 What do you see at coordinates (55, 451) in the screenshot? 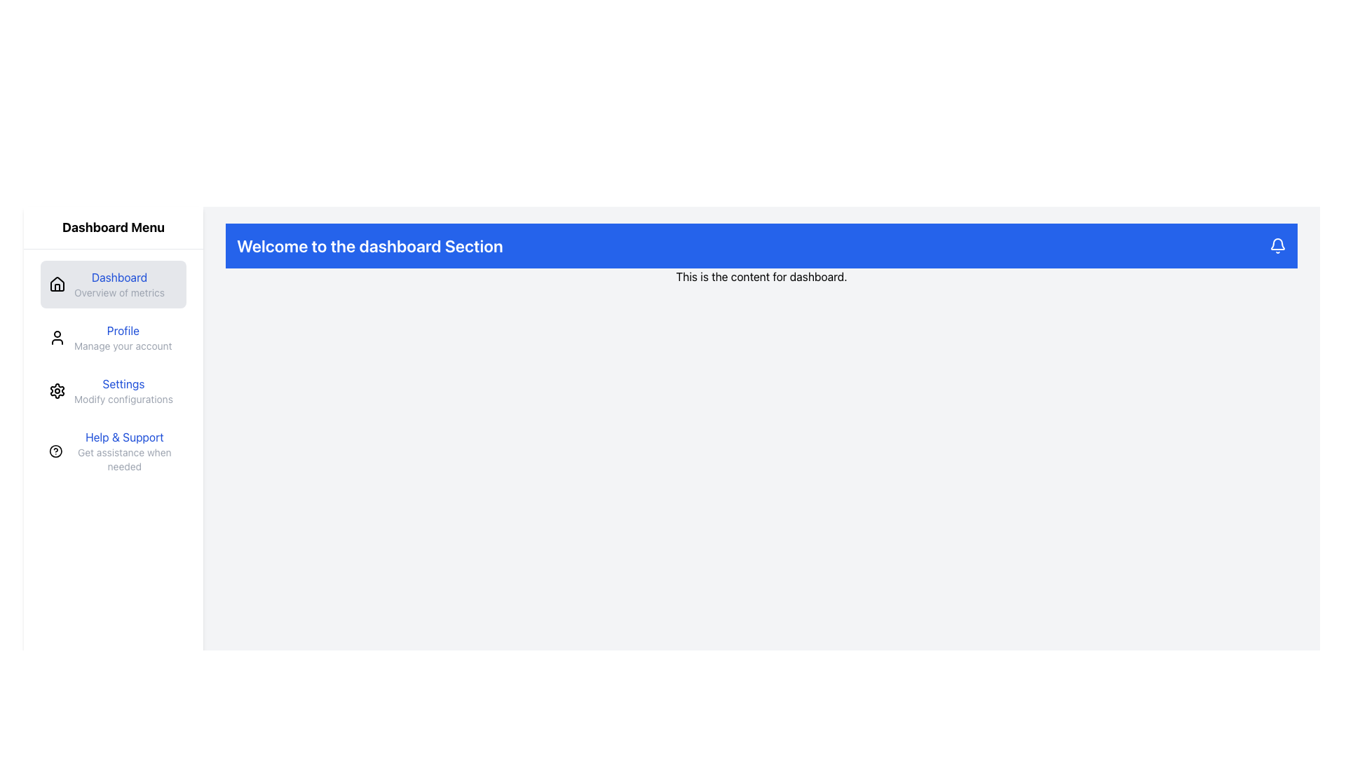
I see `the circular icon with a question mark that is part of the 'Help & Support' menu item in the sidebar` at bounding box center [55, 451].